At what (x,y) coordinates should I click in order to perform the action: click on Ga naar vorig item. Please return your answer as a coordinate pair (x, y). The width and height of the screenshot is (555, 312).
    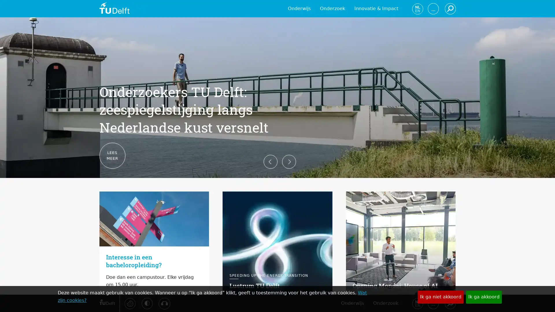
    Looking at the image, I should click on (90, 156).